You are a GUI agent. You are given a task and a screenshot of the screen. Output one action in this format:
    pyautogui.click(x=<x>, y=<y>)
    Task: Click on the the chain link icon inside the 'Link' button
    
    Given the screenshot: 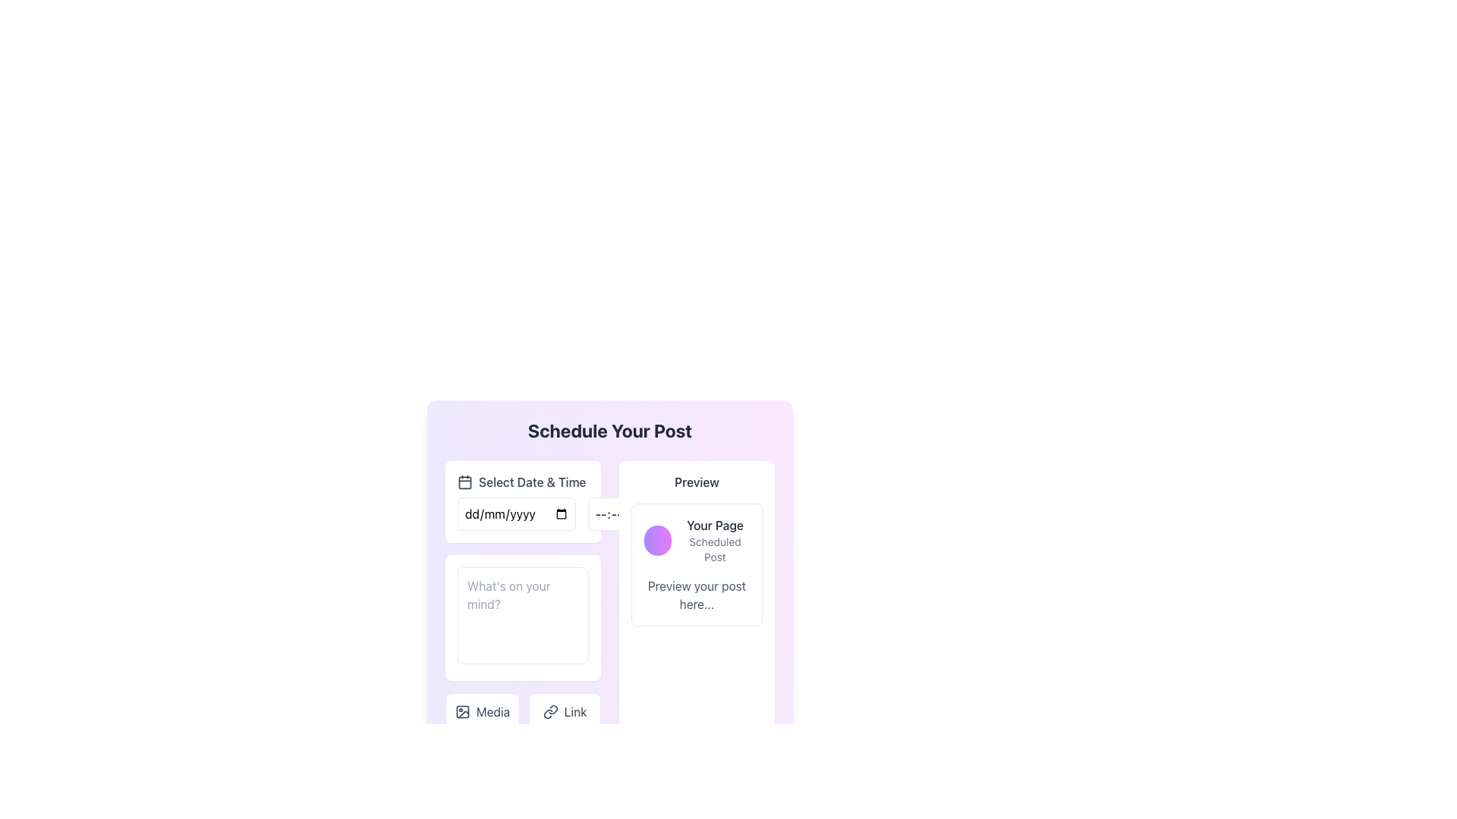 What is the action you would take?
    pyautogui.click(x=549, y=711)
    